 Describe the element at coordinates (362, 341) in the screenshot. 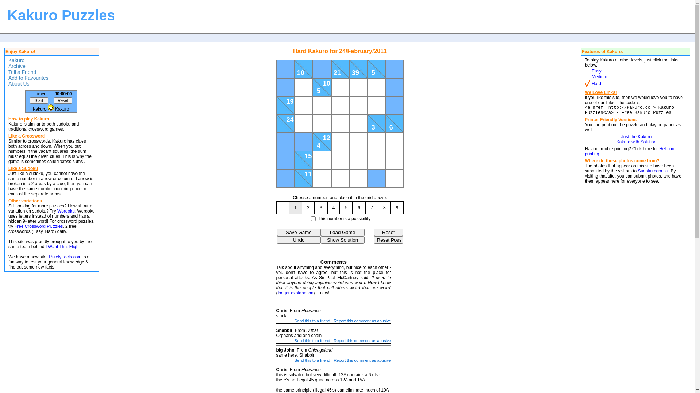

I see `'Report this comment as abusive'` at that location.